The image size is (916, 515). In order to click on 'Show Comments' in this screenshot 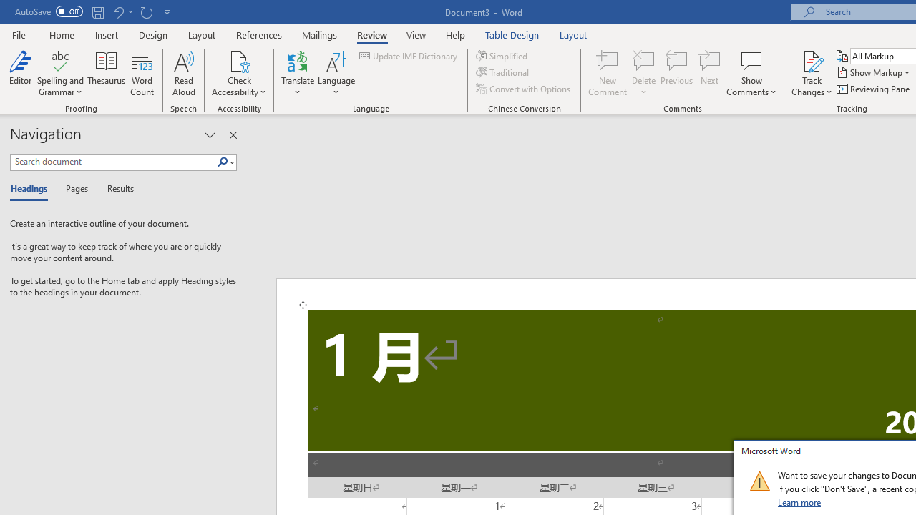, I will do `click(751, 60)`.